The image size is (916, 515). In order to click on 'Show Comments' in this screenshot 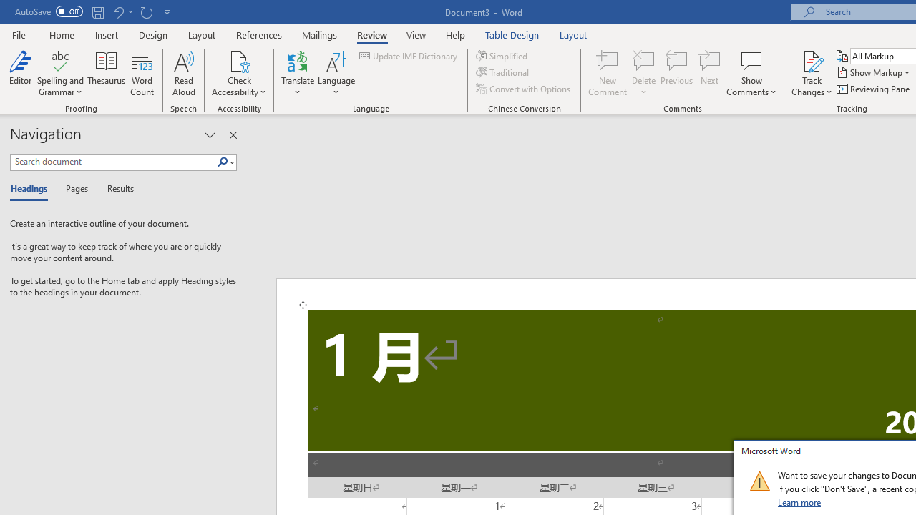, I will do `click(751, 60)`.